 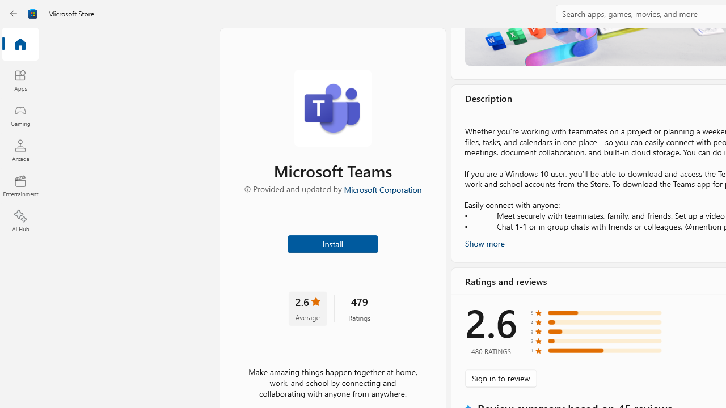 What do you see at coordinates (500, 378) in the screenshot?
I see `'Sign in to review'` at bounding box center [500, 378].